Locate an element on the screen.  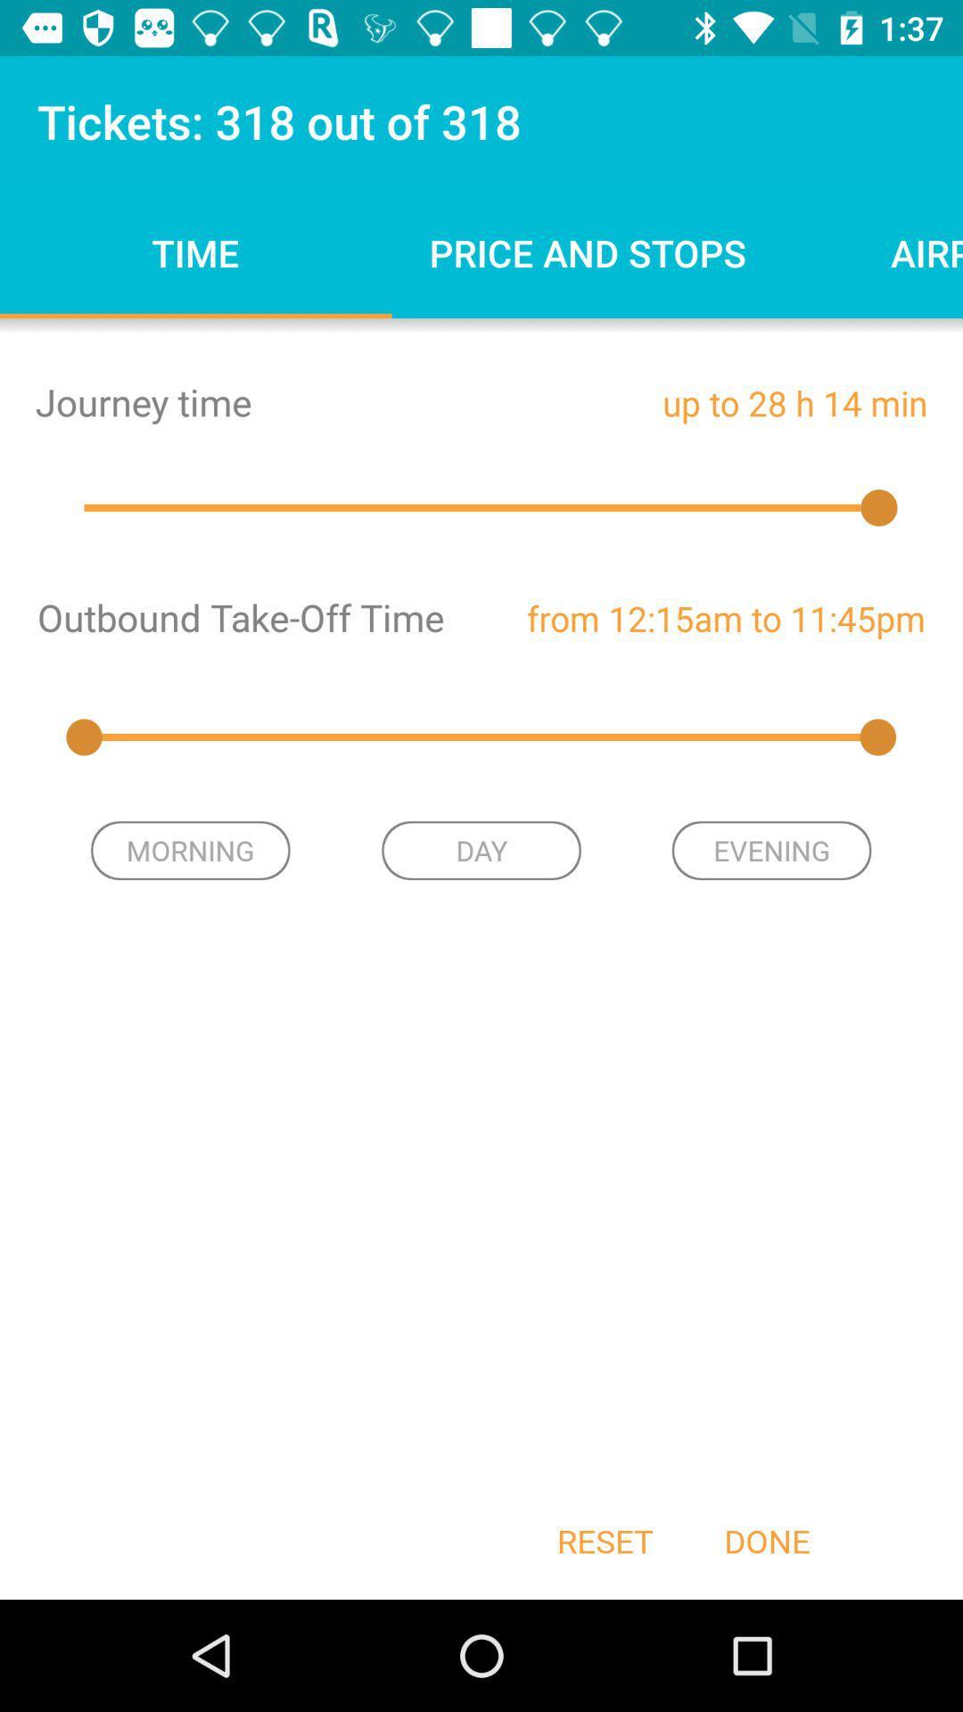
the item next to reset is located at coordinates (766, 1540).